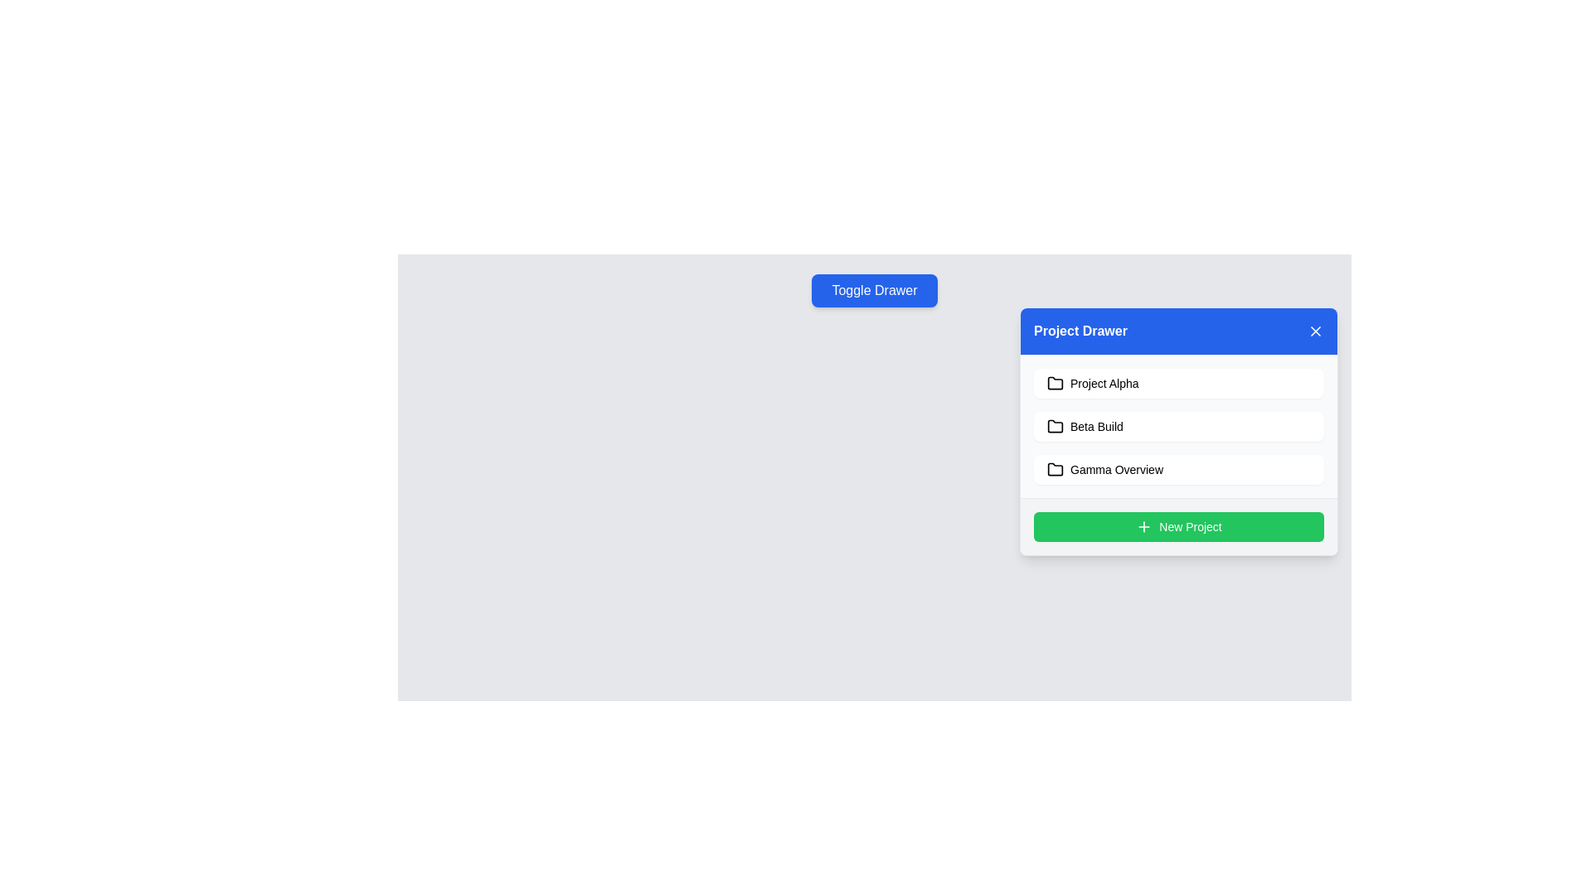 Image resolution: width=1592 pixels, height=895 pixels. What do you see at coordinates (1054, 383) in the screenshot?
I see `the small folder icon with a minimalist outline design located within the 'Project Alpha' list item` at bounding box center [1054, 383].